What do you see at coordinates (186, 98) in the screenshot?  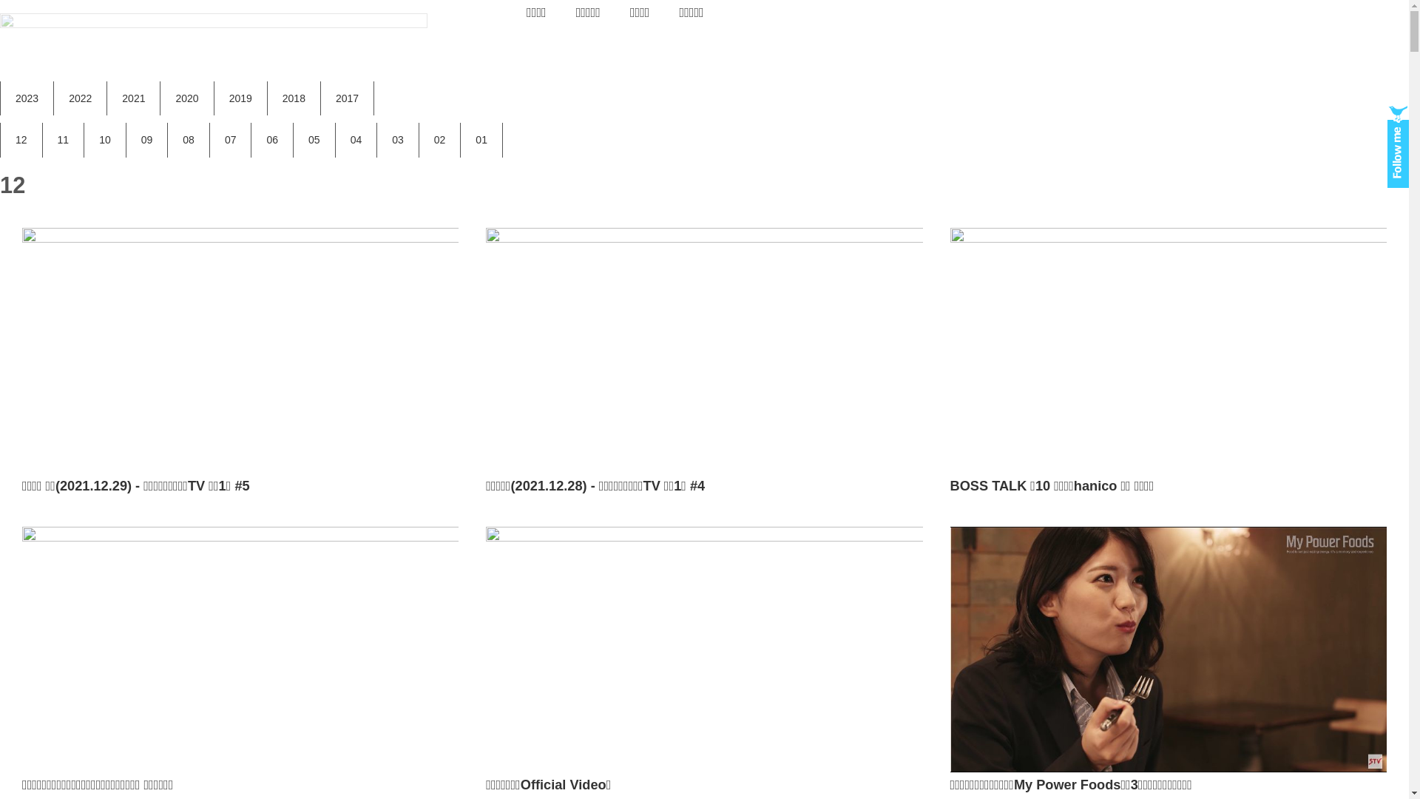 I see `'2020'` at bounding box center [186, 98].